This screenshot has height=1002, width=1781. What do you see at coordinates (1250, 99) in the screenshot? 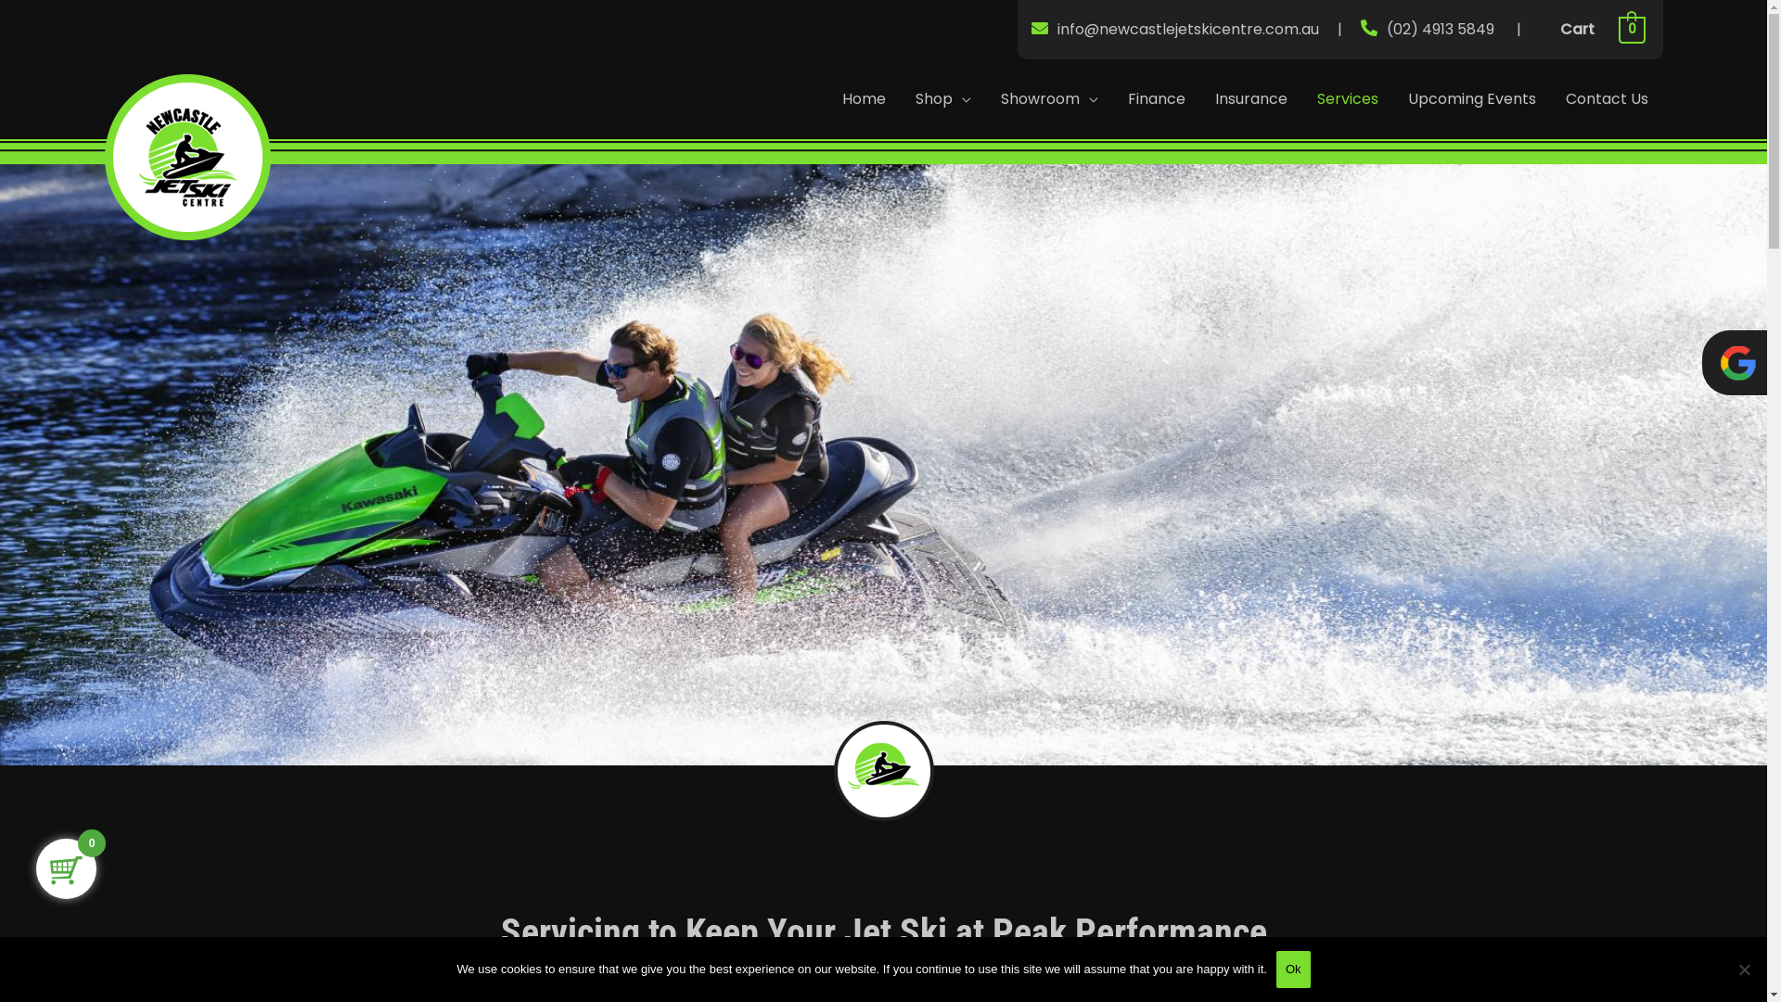
I see `'Insurance'` at bounding box center [1250, 99].